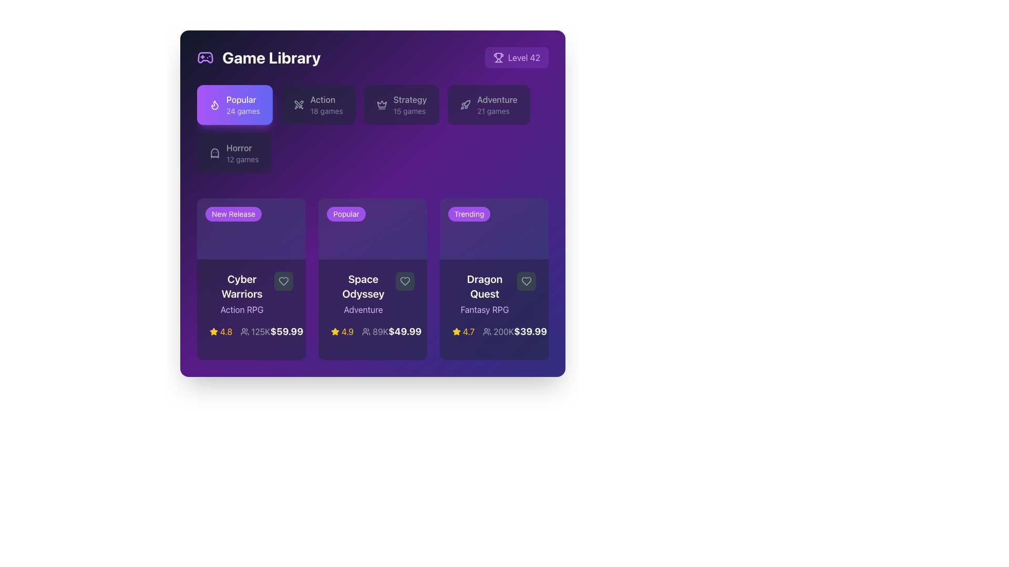  Describe the element at coordinates (239, 332) in the screenshot. I see `the text label indicating the number of users or reviews for the game 'Cyber Warriors', positioned to the right of the yellow rating star and user icon` at that location.